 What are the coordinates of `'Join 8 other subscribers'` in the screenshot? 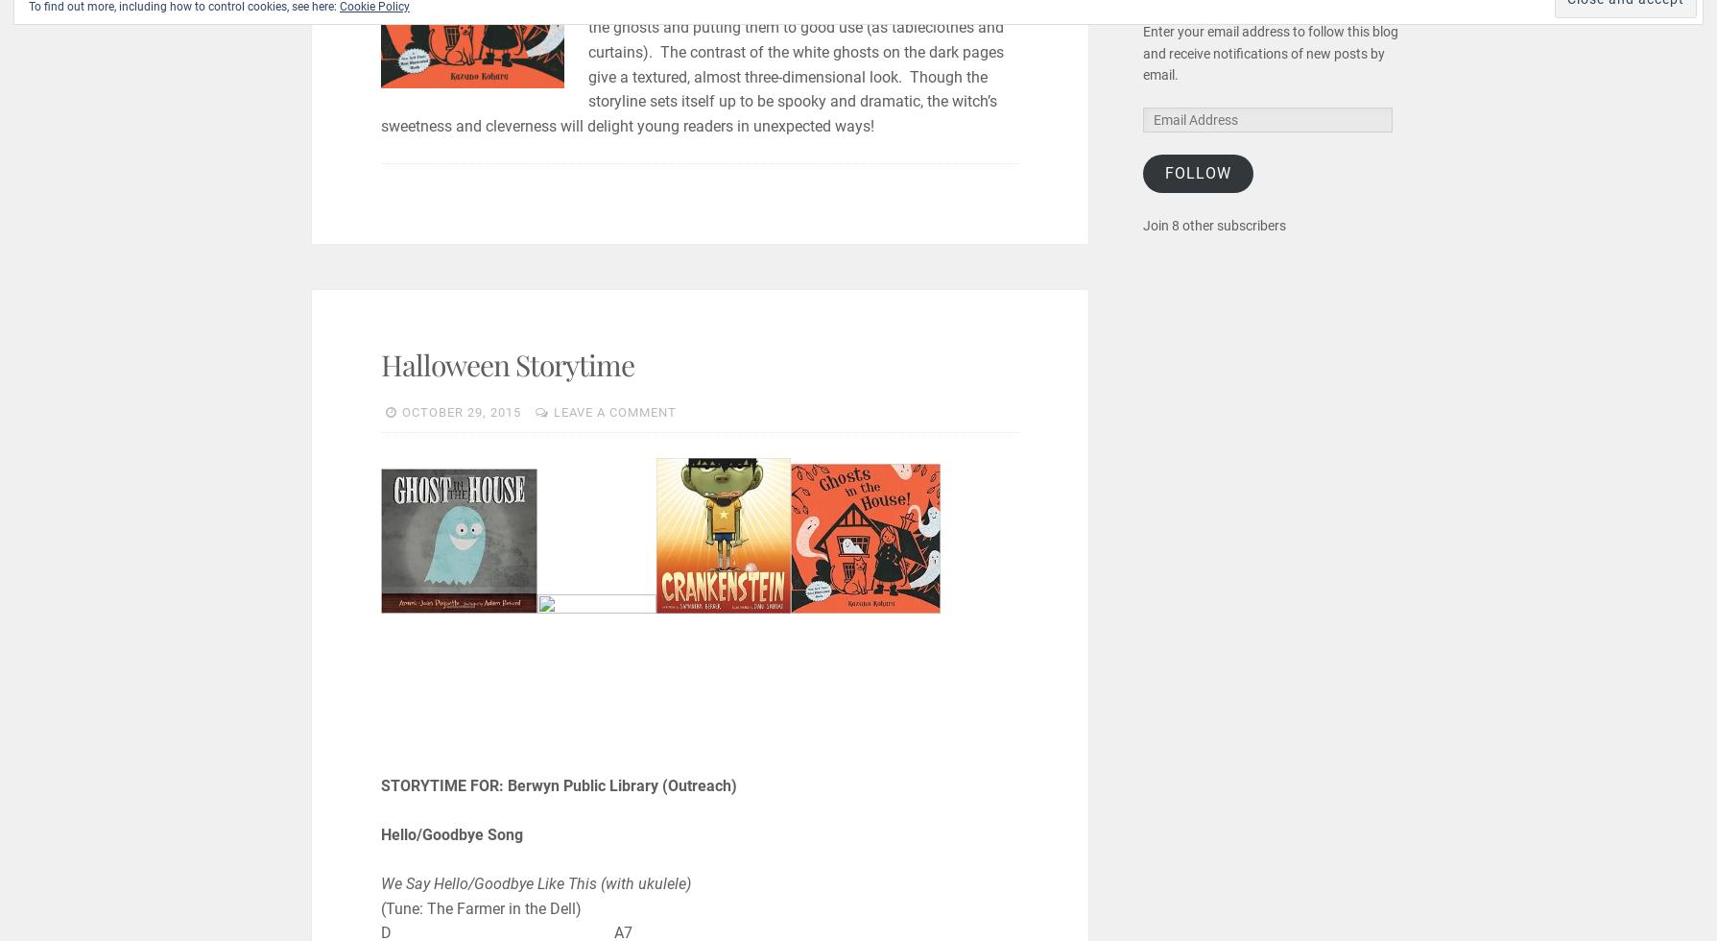 It's located at (1213, 225).